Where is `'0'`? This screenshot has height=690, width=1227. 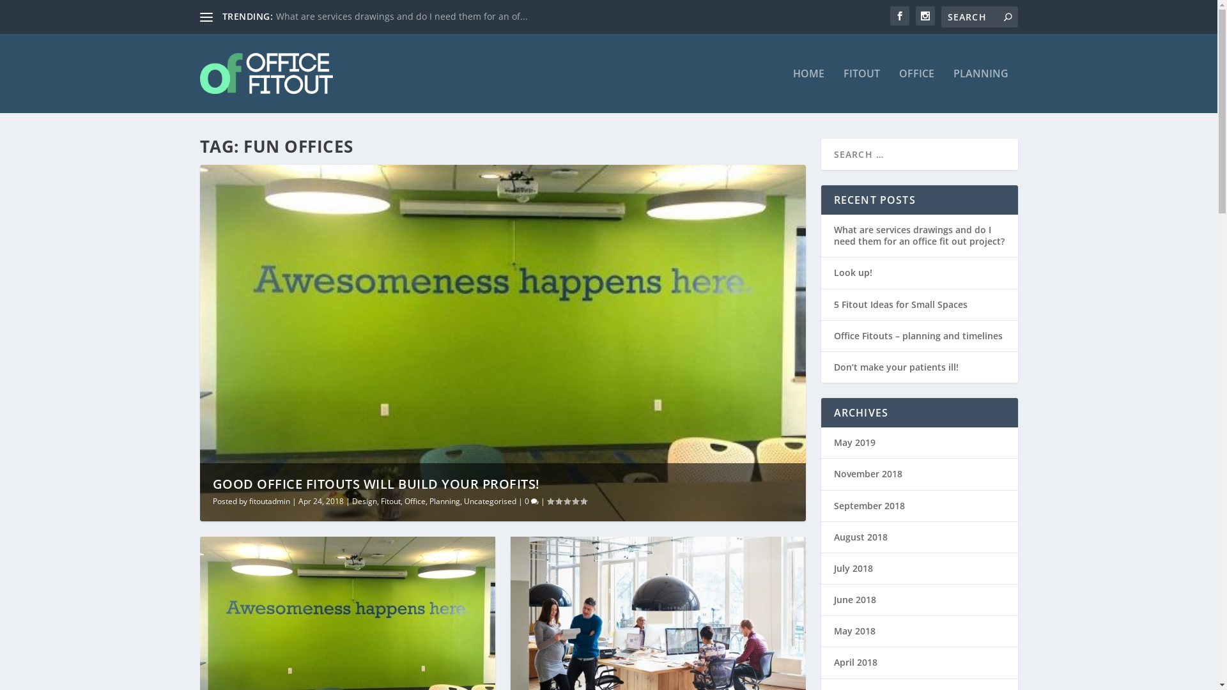
'0' is located at coordinates (524, 500).